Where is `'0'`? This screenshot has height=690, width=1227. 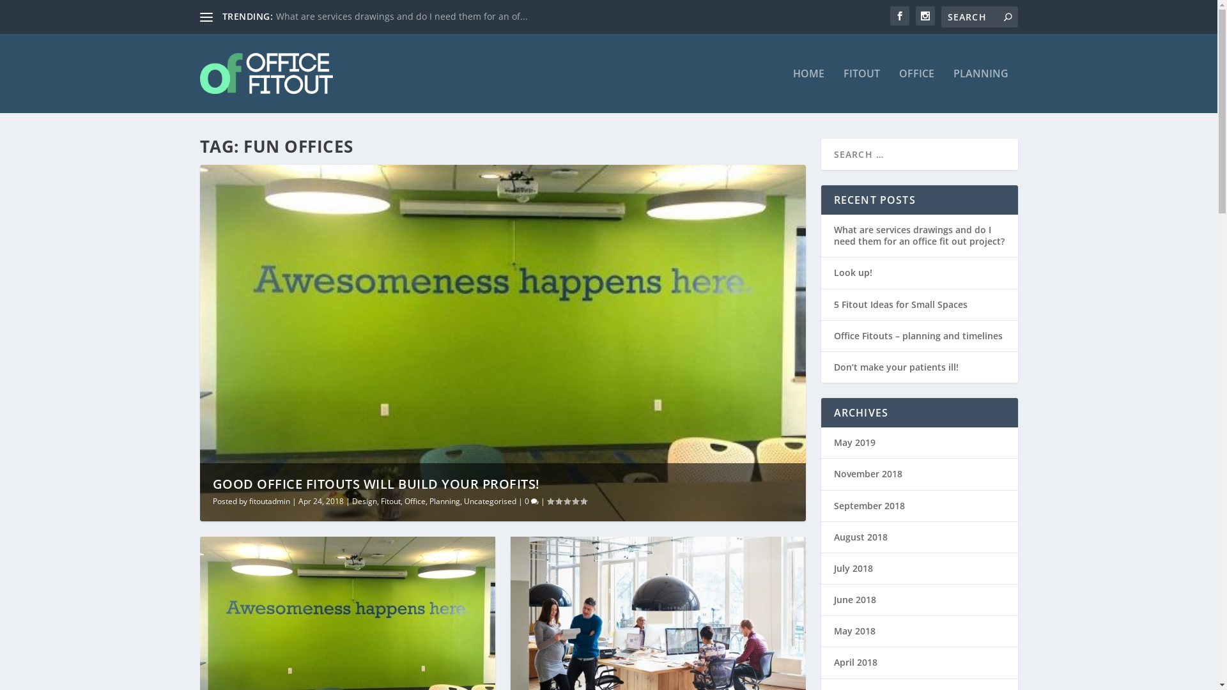
'0' is located at coordinates (524, 500).